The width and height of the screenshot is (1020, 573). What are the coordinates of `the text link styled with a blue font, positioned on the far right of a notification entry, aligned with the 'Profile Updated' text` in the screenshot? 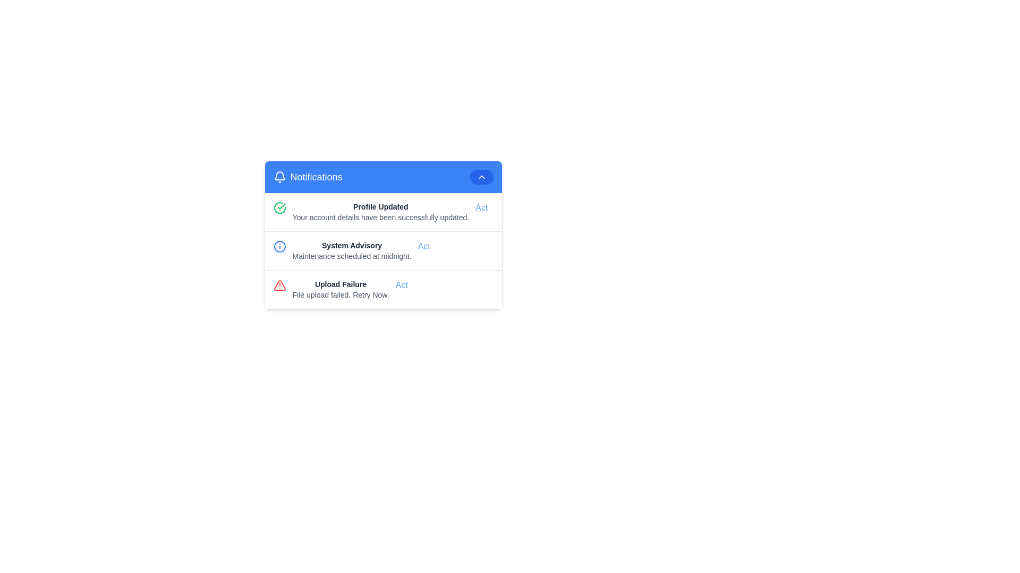 It's located at (481, 208).